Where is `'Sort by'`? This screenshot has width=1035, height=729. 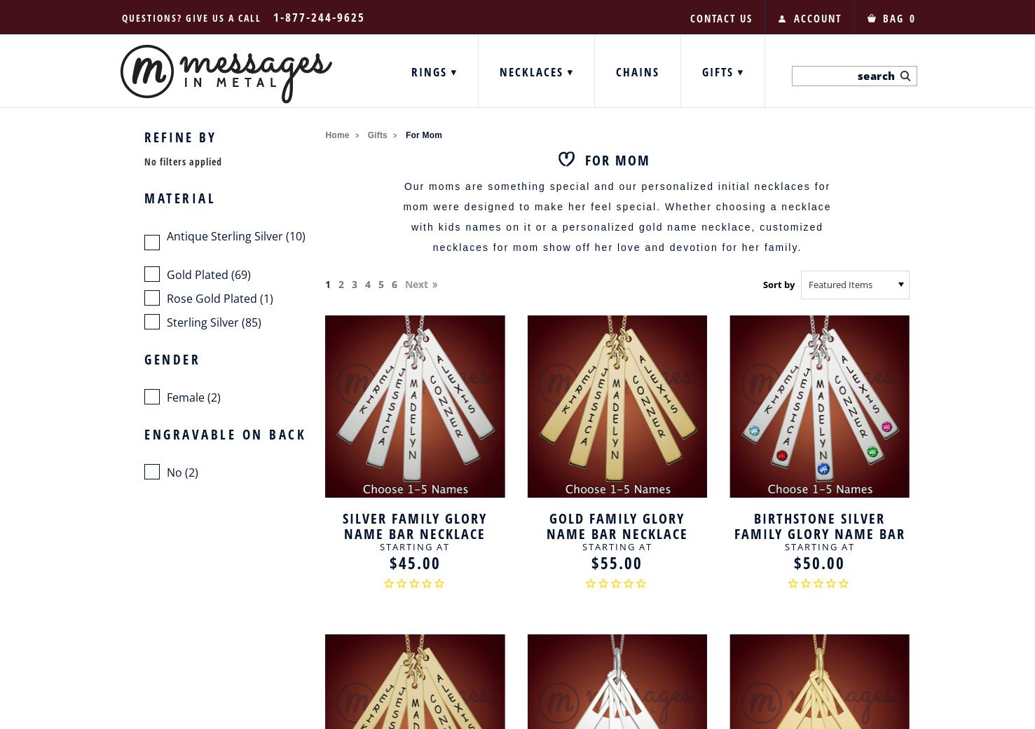 'Sort by' is located at coordinates (762, 283).